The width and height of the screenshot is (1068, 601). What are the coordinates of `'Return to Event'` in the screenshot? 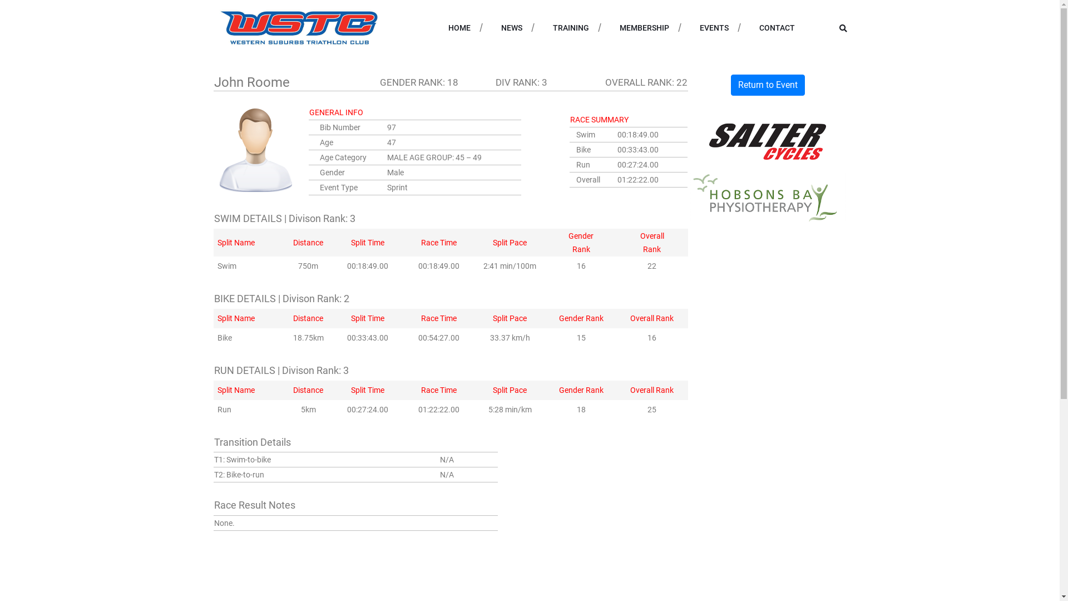 It's located at (731, 85).